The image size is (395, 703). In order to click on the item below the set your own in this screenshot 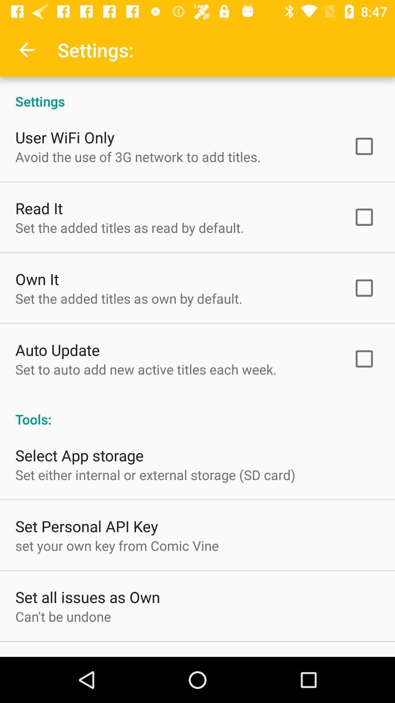, I will do `click(87, 597)`.